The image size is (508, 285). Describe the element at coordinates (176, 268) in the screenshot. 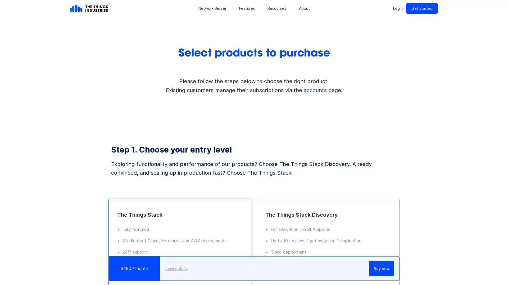

I see `show details` at that location.